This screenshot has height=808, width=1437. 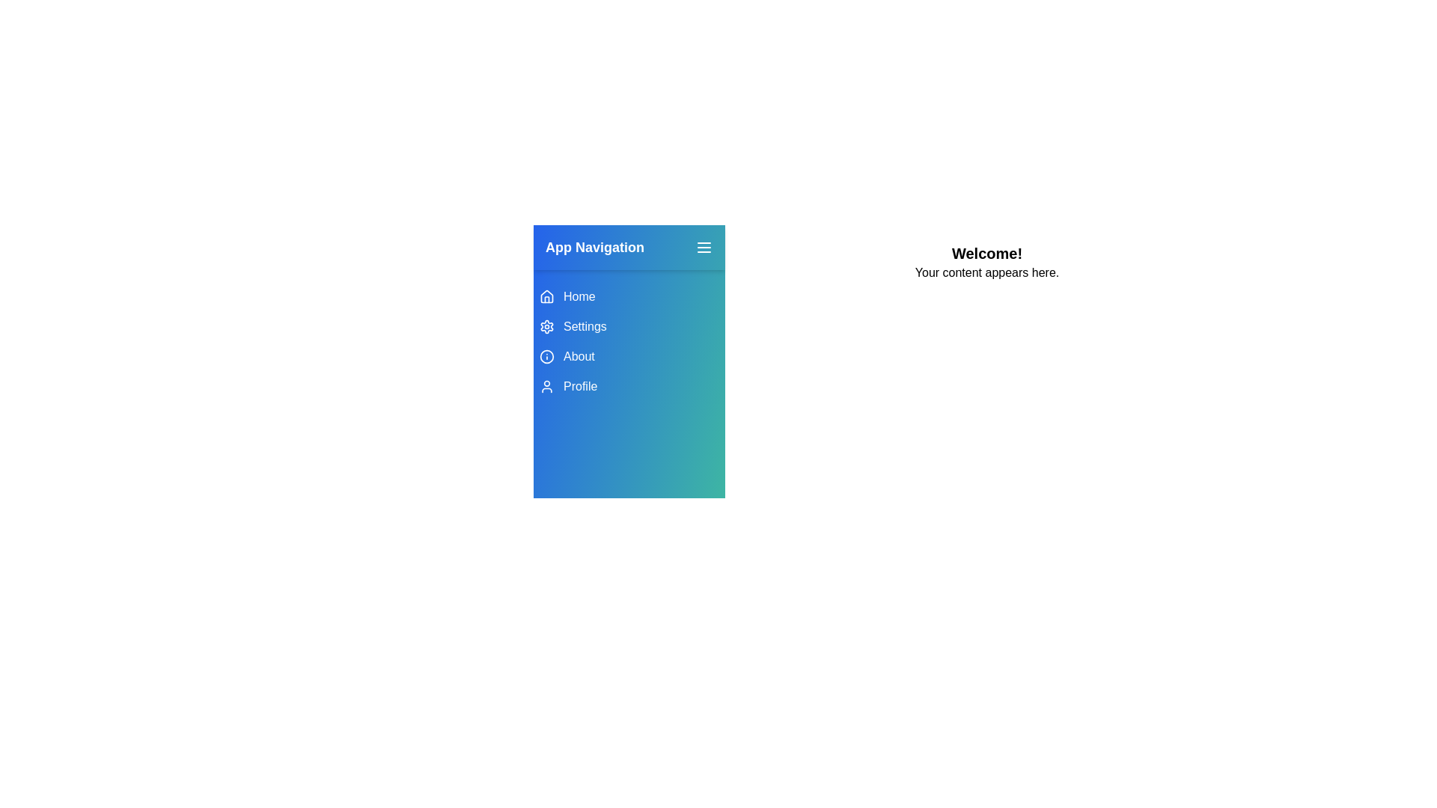 I want to click on the menu item Profile from the drawer, so click(x=629, y=385).